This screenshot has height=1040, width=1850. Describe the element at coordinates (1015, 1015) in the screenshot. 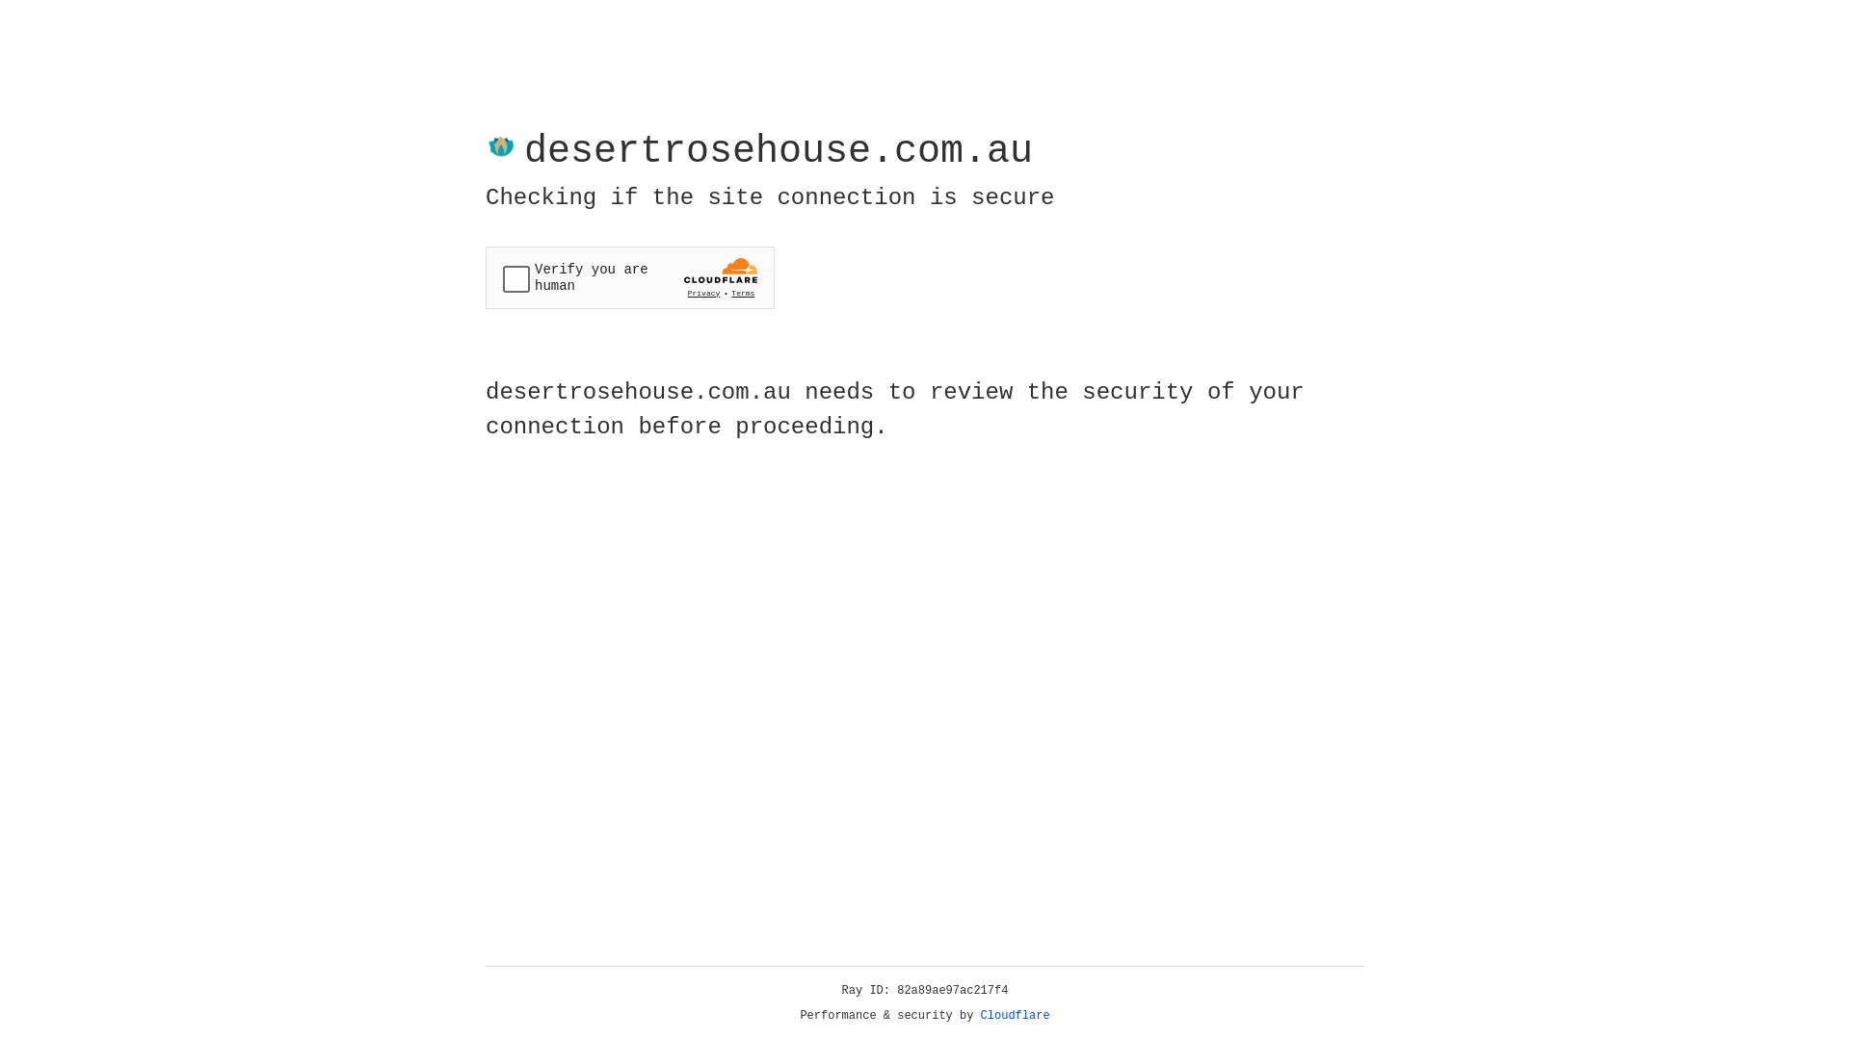

I see `'Cloudflare'` at that location.